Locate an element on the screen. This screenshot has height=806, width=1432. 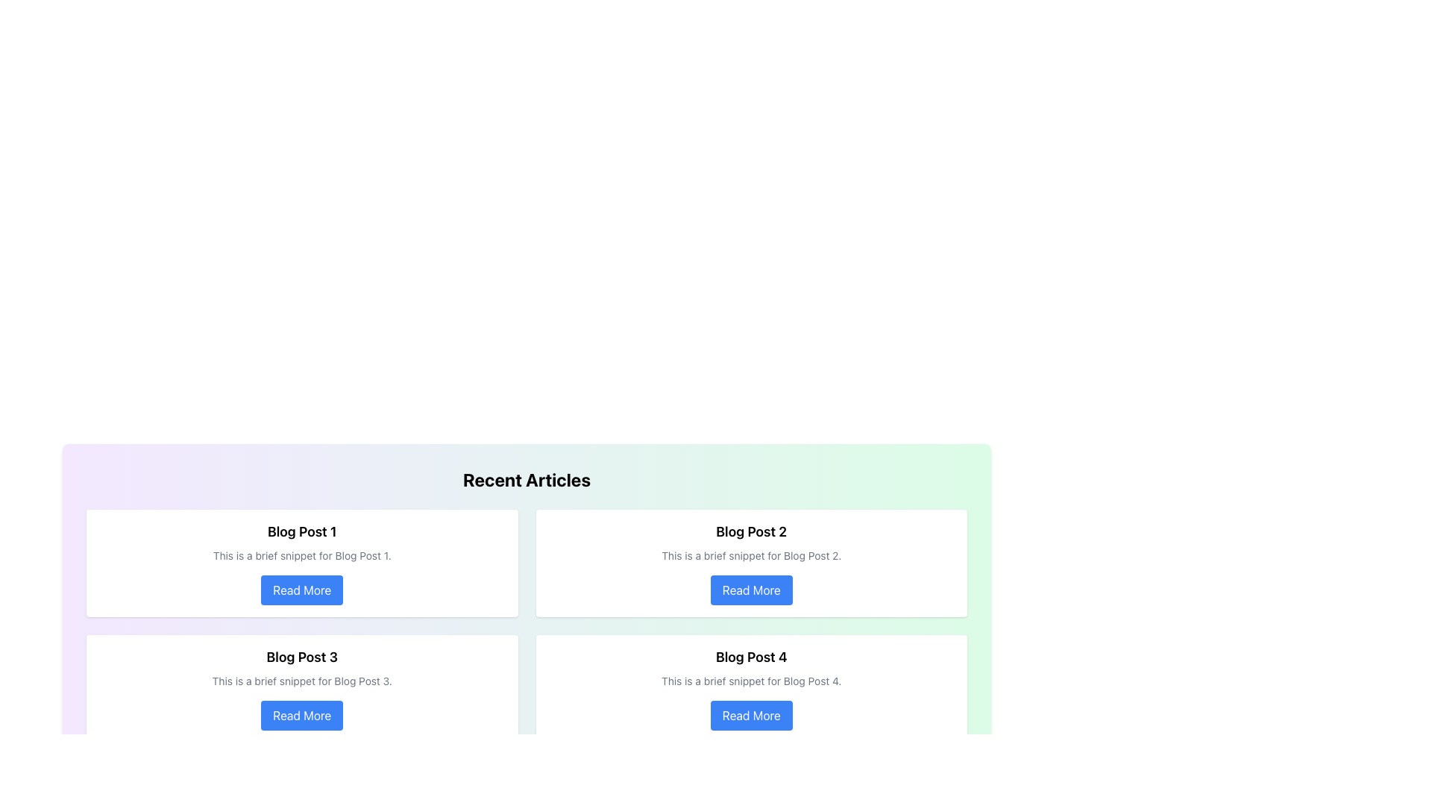
the 'Read More' button on the first article preview card located in the top-left corner of the grid layout is located at coordinates (301, 563).